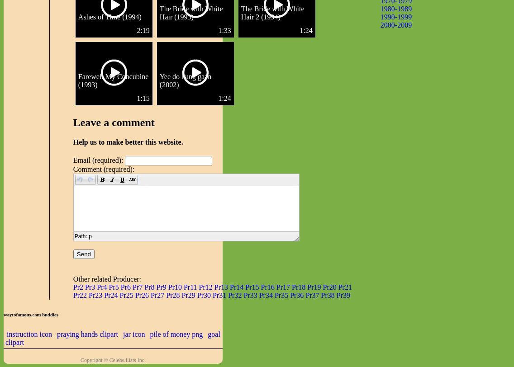 The height and width of the screenshot is (367, 514). Describe the element at coordinates (327, 295) in the screenshot. I see `'Pr38'` at that location.